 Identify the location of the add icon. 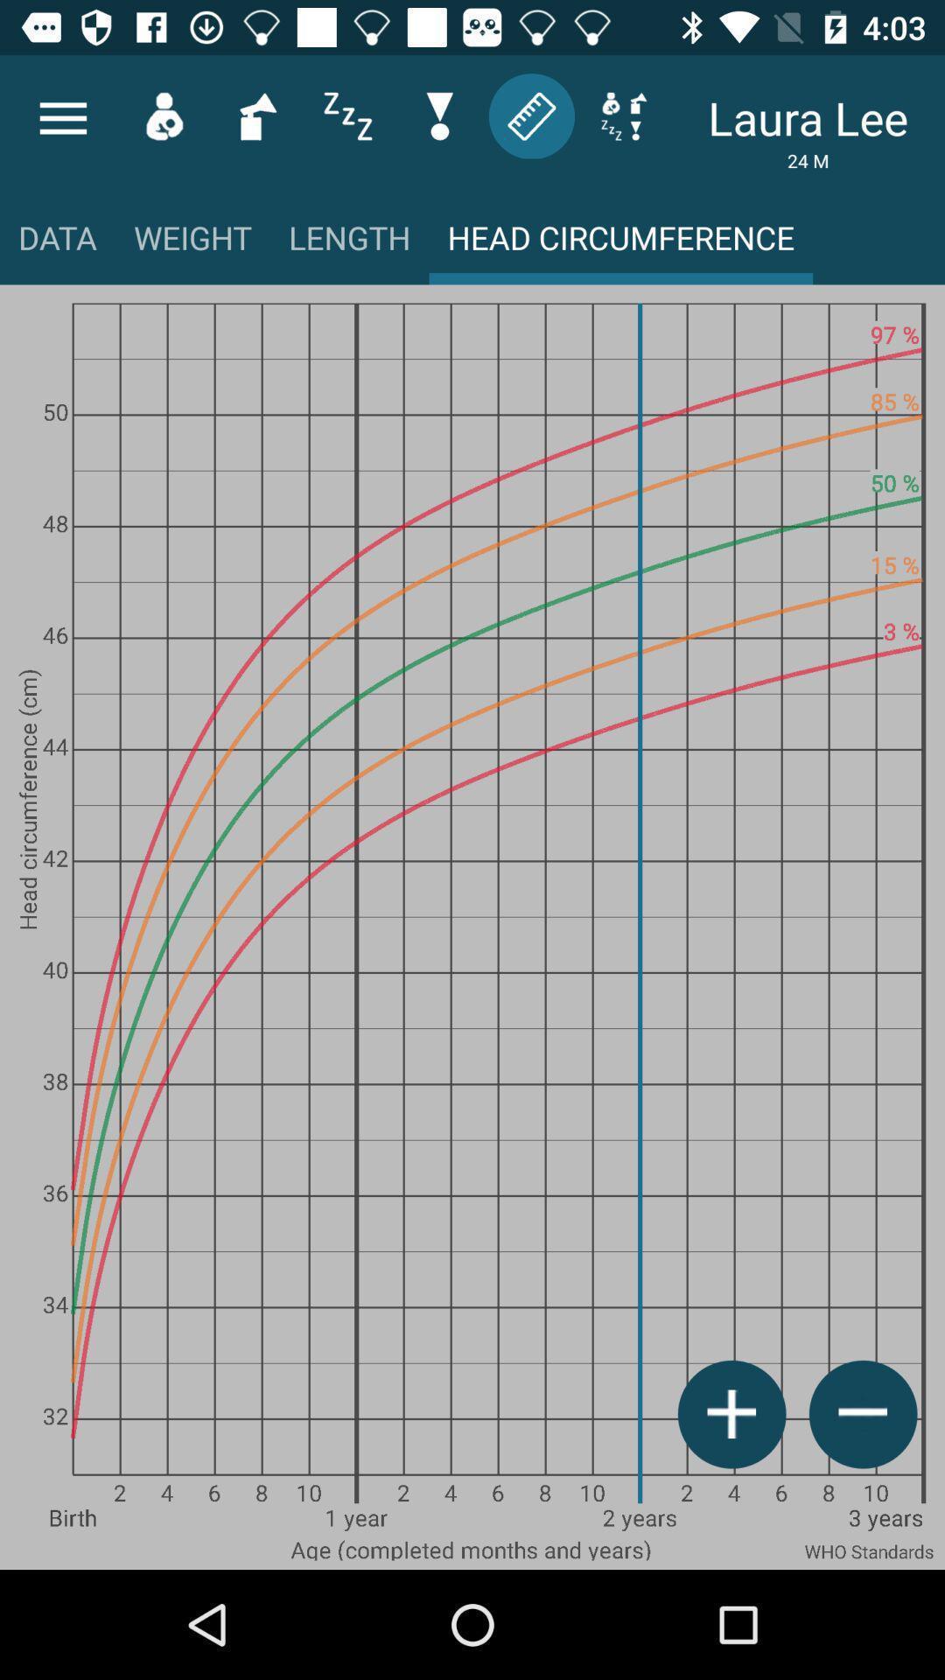
(731, 1414).